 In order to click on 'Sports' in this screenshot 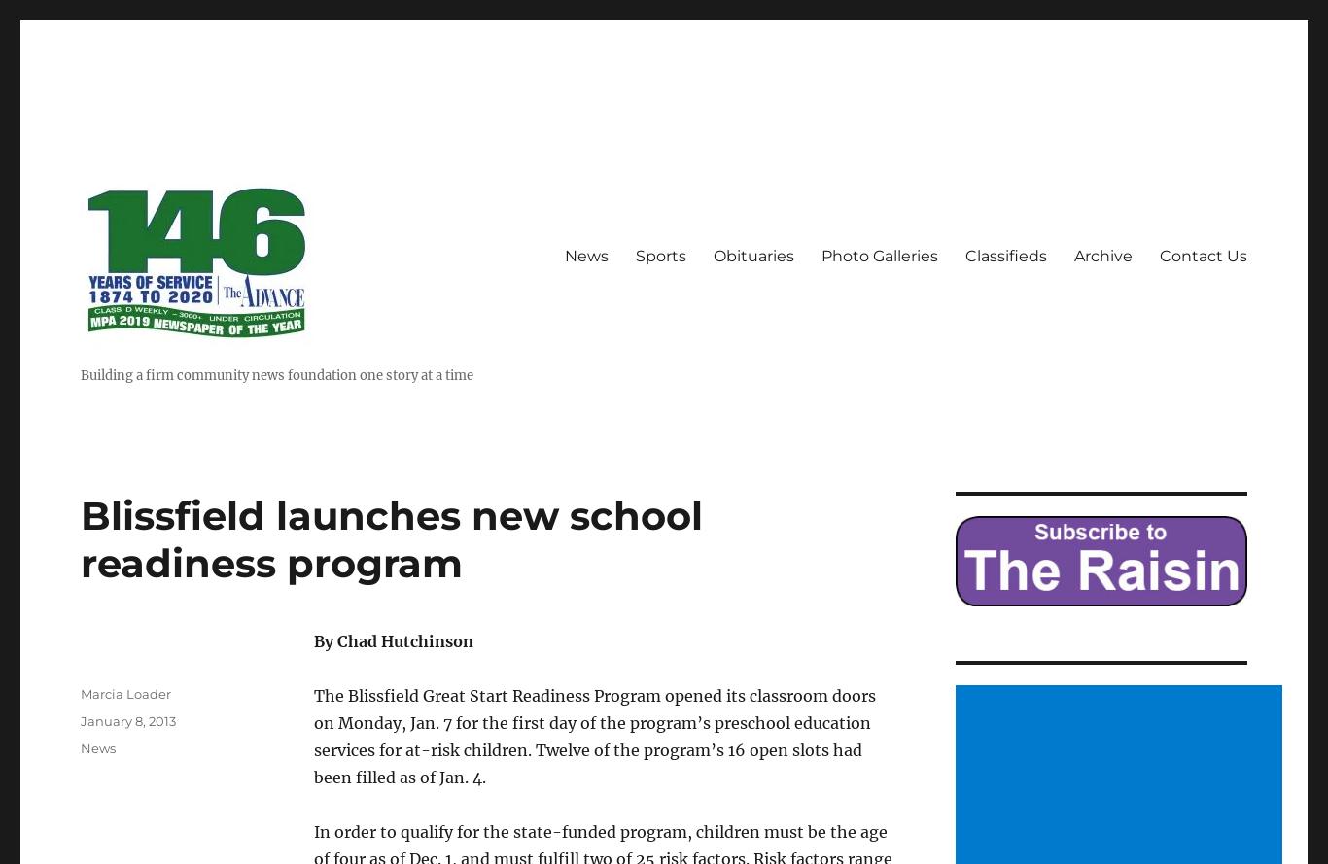, I will do `click(659, 256)`.